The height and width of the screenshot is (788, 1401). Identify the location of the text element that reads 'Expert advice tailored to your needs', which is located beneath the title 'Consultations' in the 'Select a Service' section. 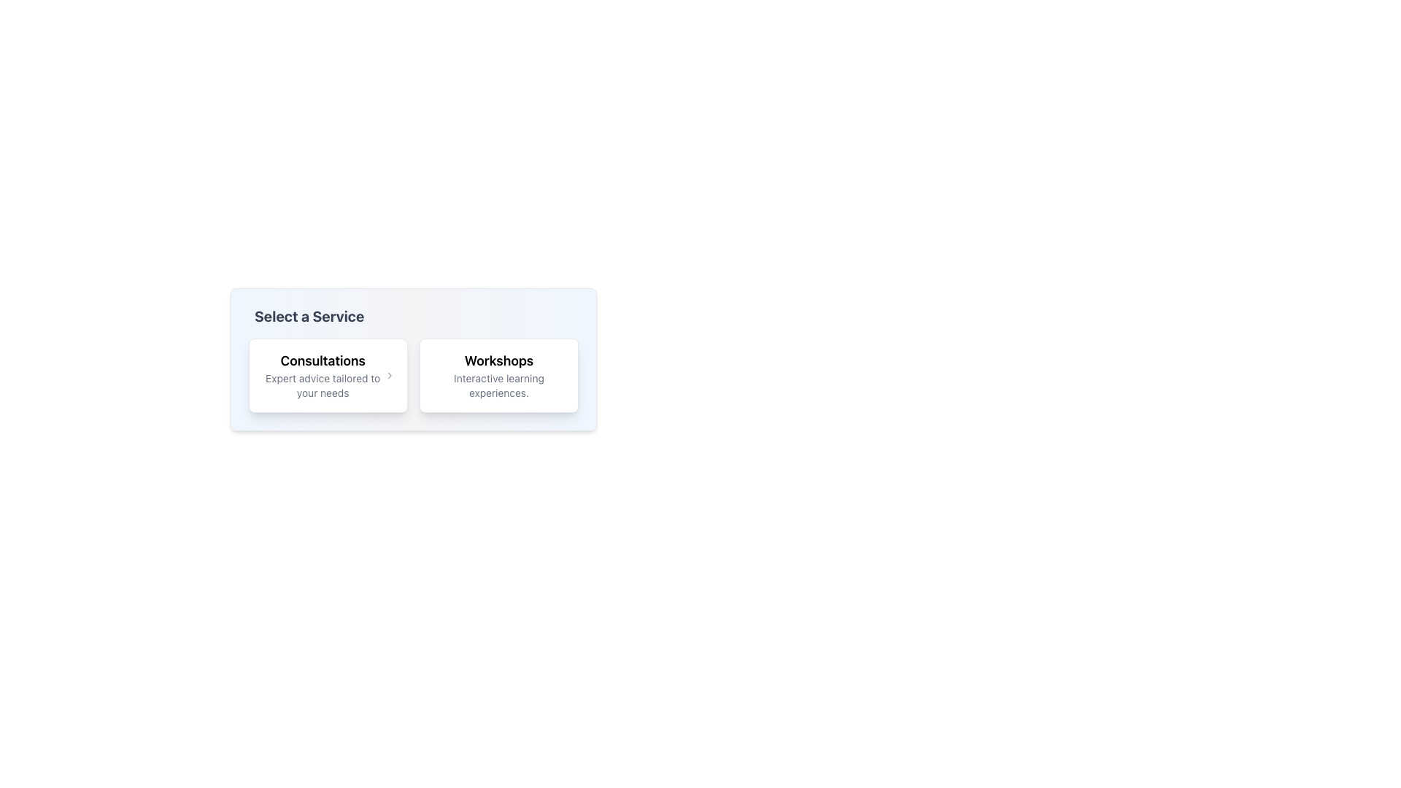
(322, 385).